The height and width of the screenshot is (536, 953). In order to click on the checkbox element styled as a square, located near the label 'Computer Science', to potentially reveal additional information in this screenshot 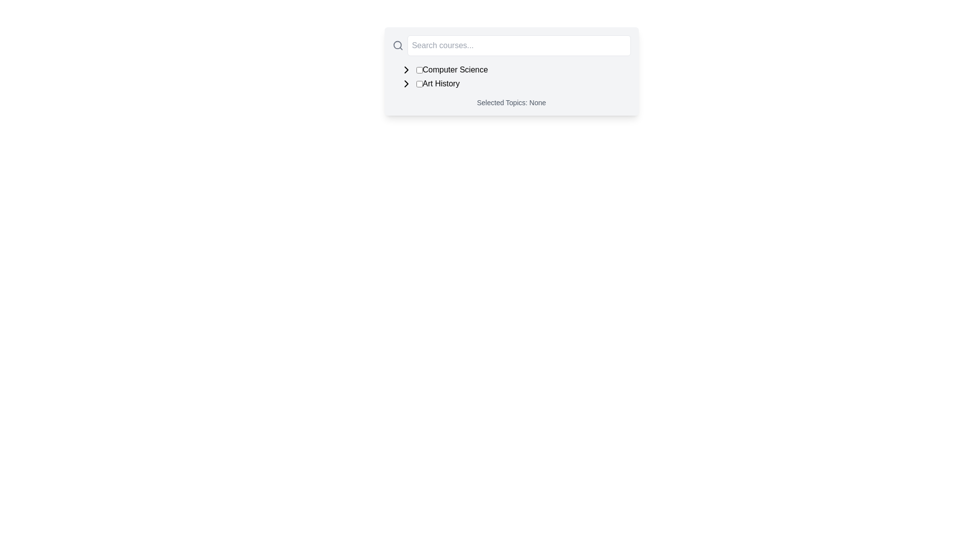, I will do `click(419, 69)`.